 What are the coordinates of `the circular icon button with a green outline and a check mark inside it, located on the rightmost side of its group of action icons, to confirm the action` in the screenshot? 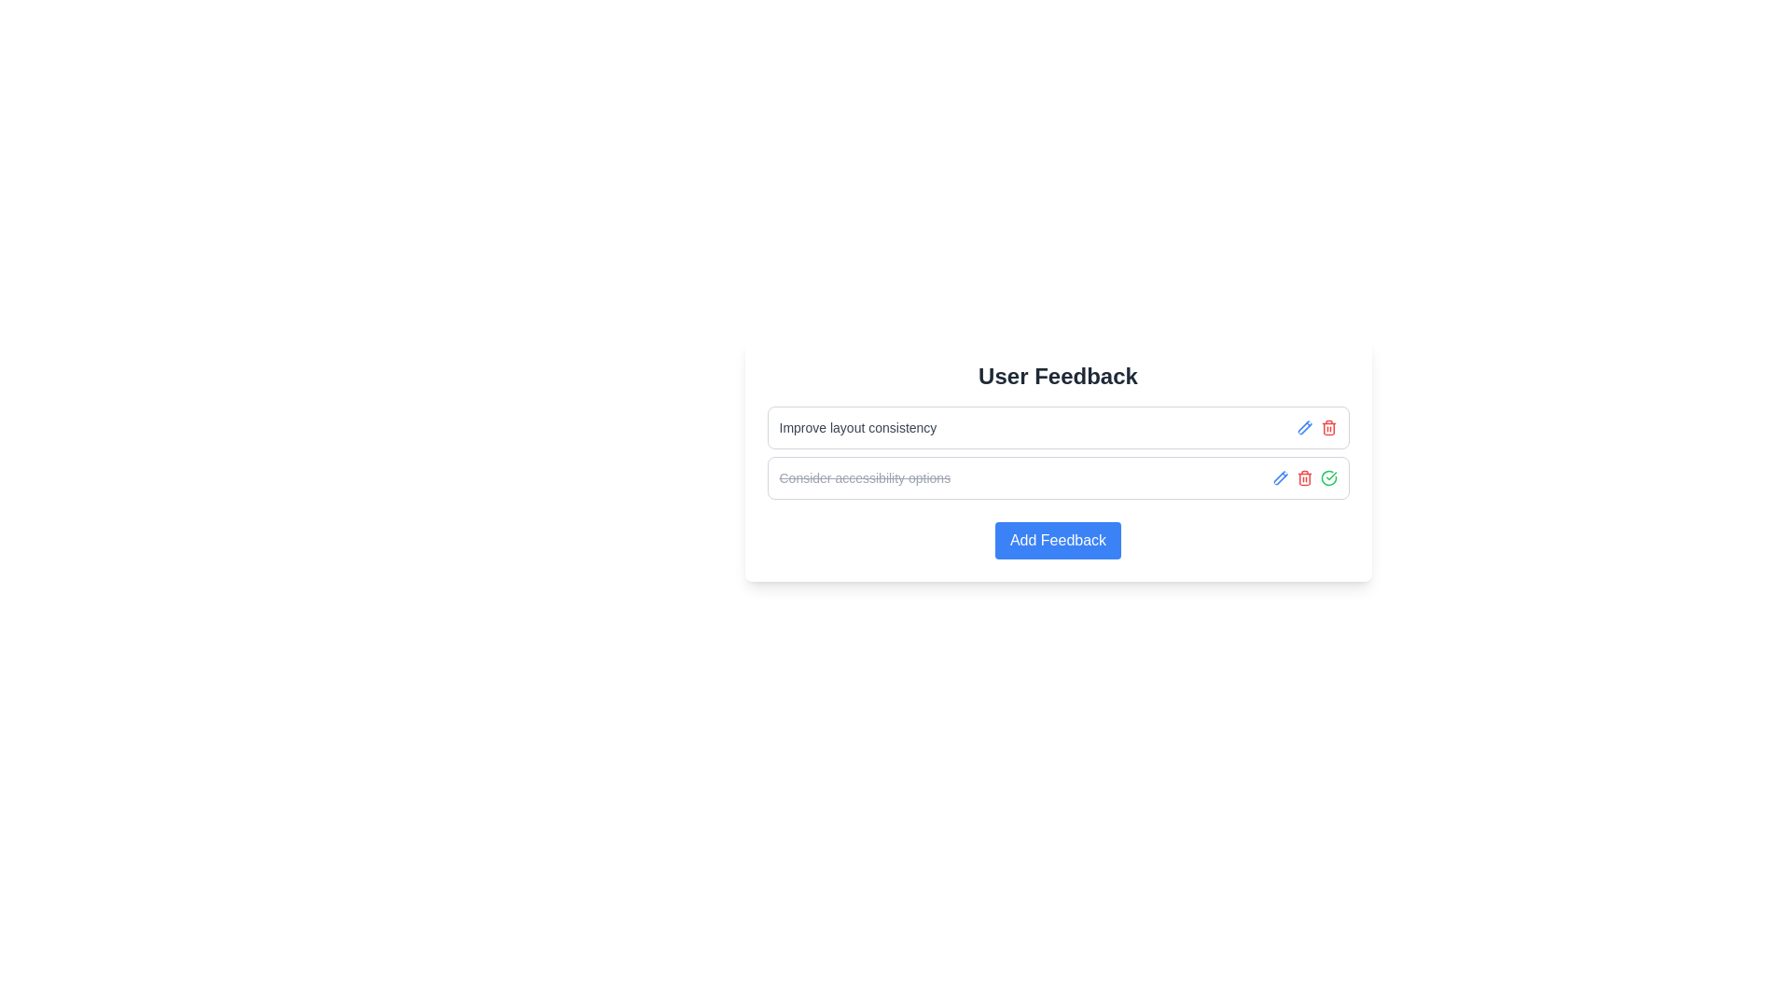 It's located at (1327, 477).